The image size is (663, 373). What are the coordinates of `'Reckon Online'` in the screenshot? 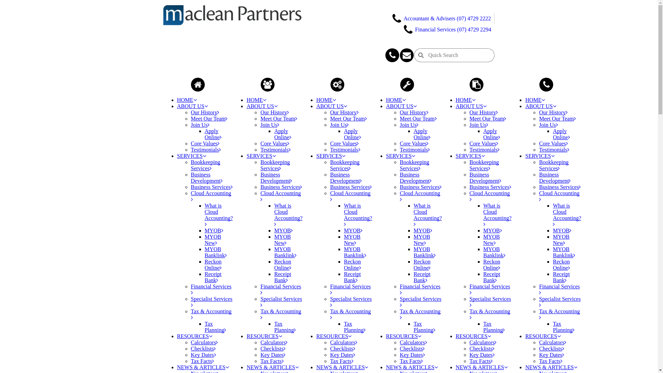 It's located at (422, 264).